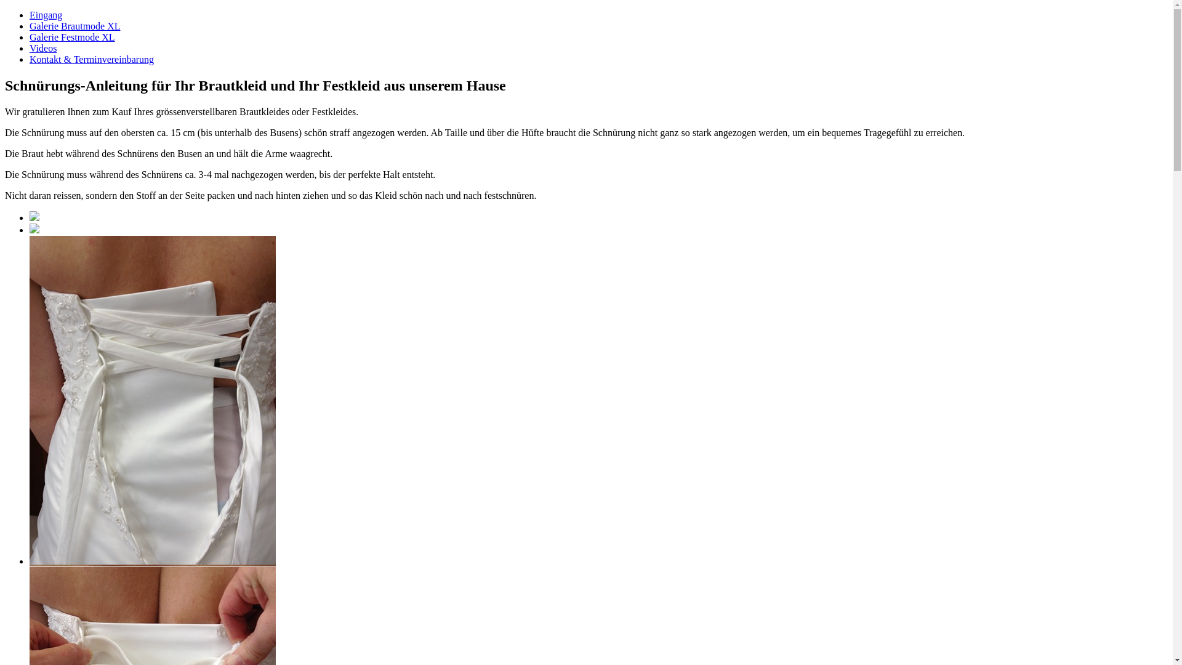 The width and height of the screenshot is (1182, 665). I want to click on 'Galerie Festmode XL', so click(71, 36).